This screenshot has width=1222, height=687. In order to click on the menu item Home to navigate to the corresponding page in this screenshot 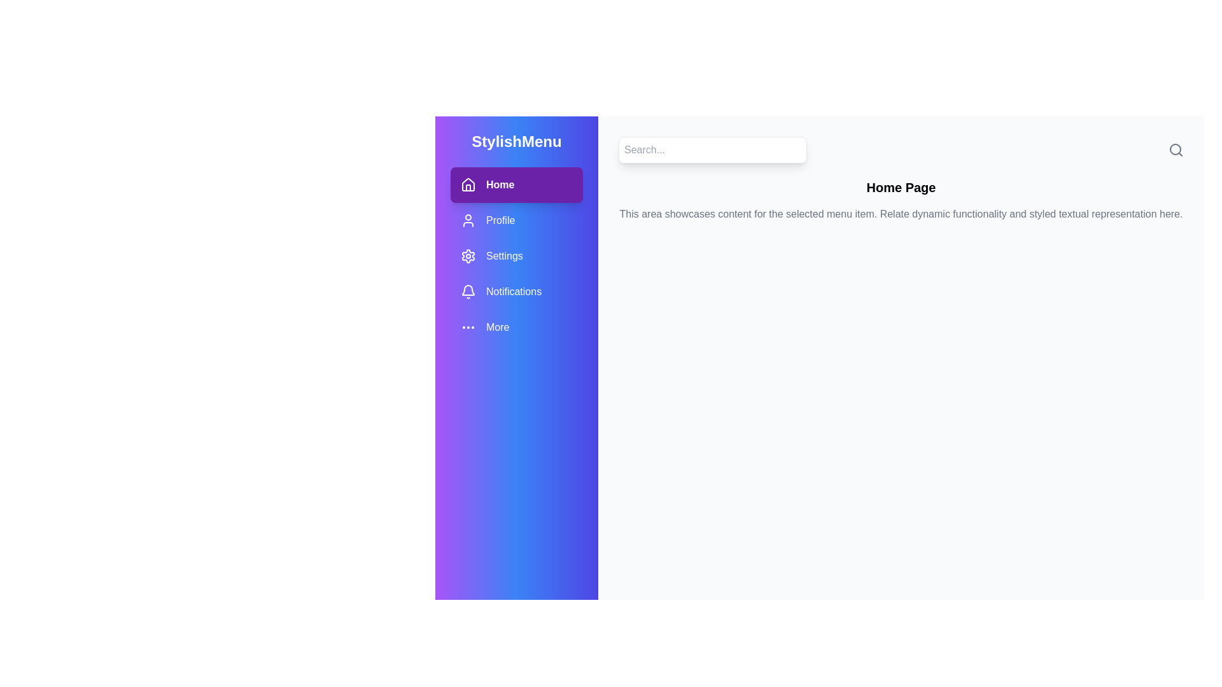, I will do `click(516, 184)`.